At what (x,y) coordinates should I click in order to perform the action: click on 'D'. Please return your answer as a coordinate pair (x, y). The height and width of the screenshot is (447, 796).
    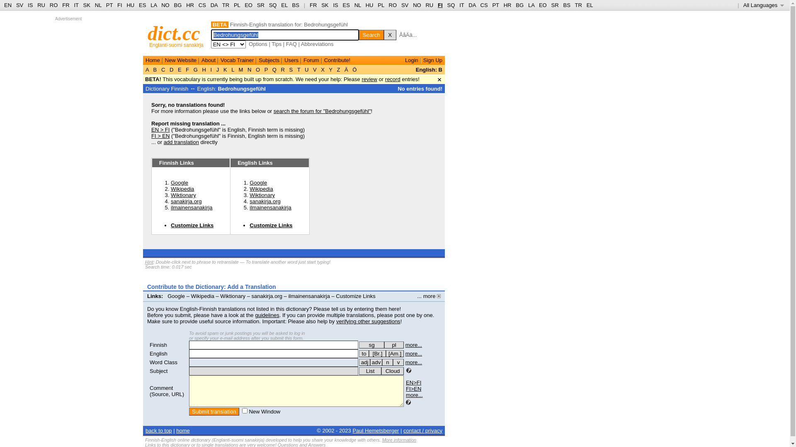
    Looking at the image, I should click on (167, 69).